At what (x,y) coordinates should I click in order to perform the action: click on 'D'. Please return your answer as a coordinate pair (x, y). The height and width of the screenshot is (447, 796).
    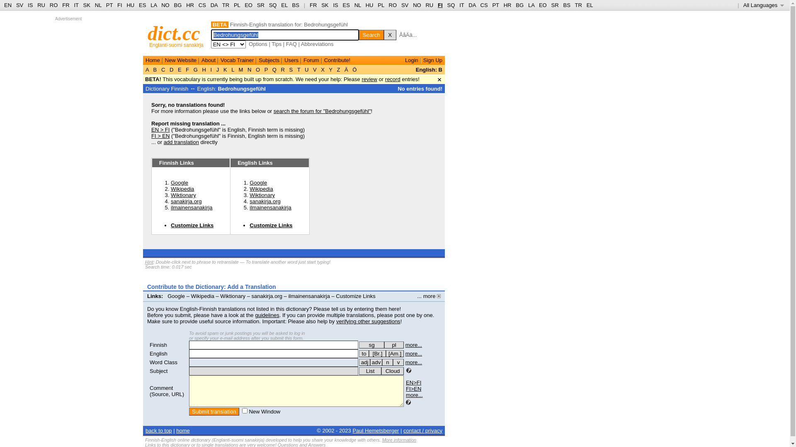
    Looking at the image, I should click on (167, 69).